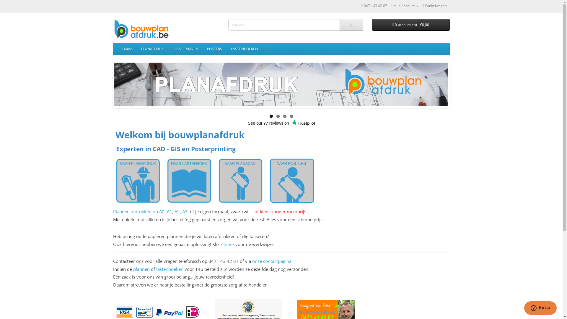  Describe the element at coordinates (227, 244) in the screenshot. I see `'<hier>'` at that location.